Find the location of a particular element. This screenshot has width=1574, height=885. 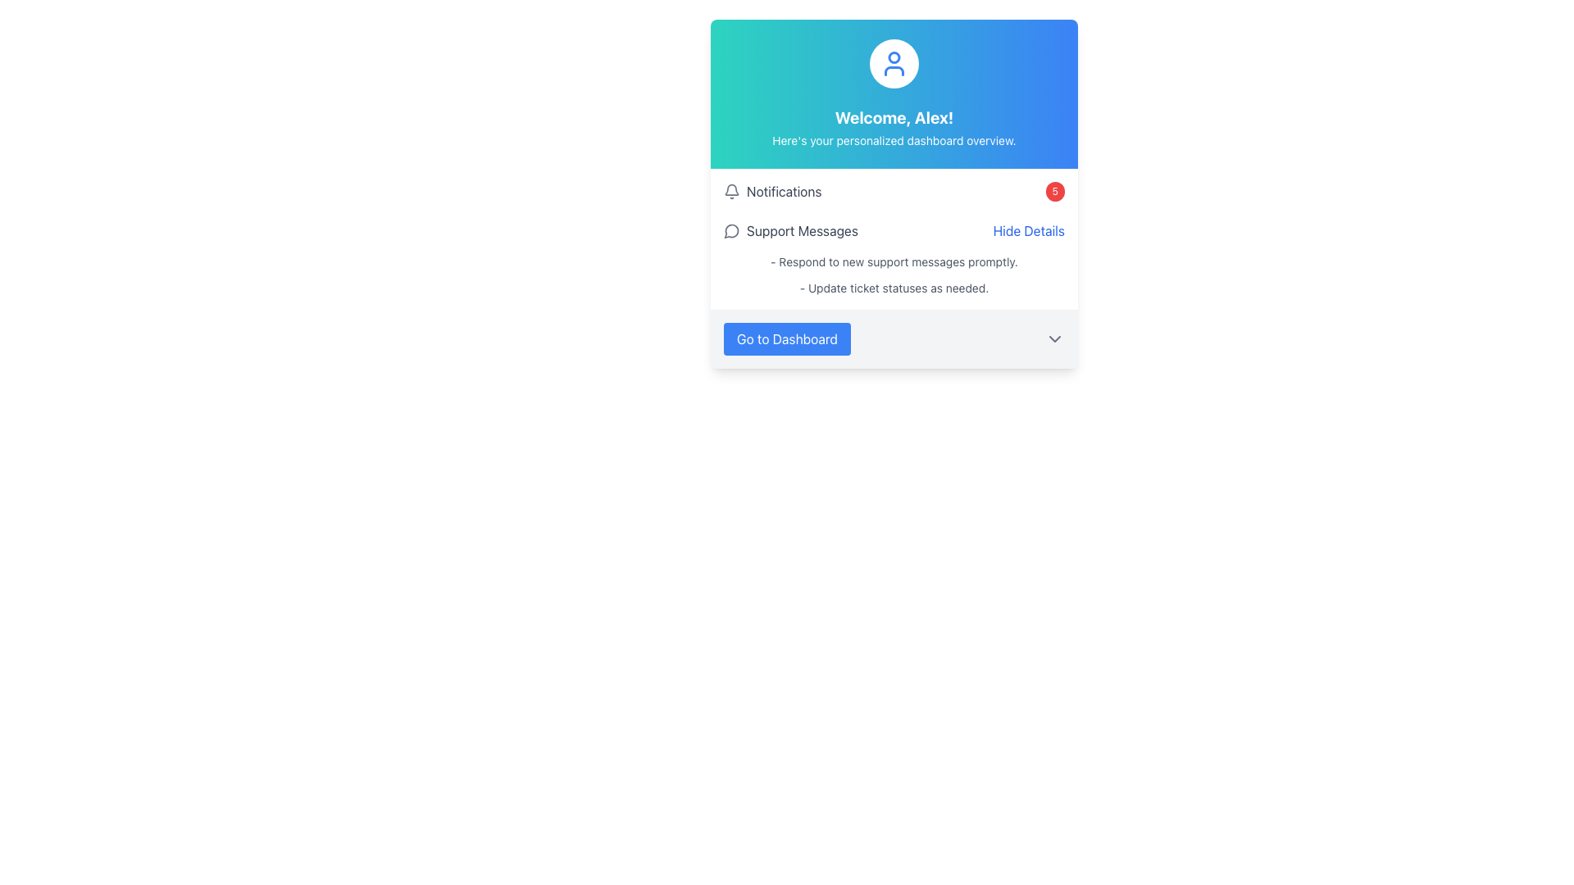

the Informational Header element that displays 'Welcome, Alex!' and includes a user profile icon above the text, located at the top of the interface is located at coordinates (893, 94).